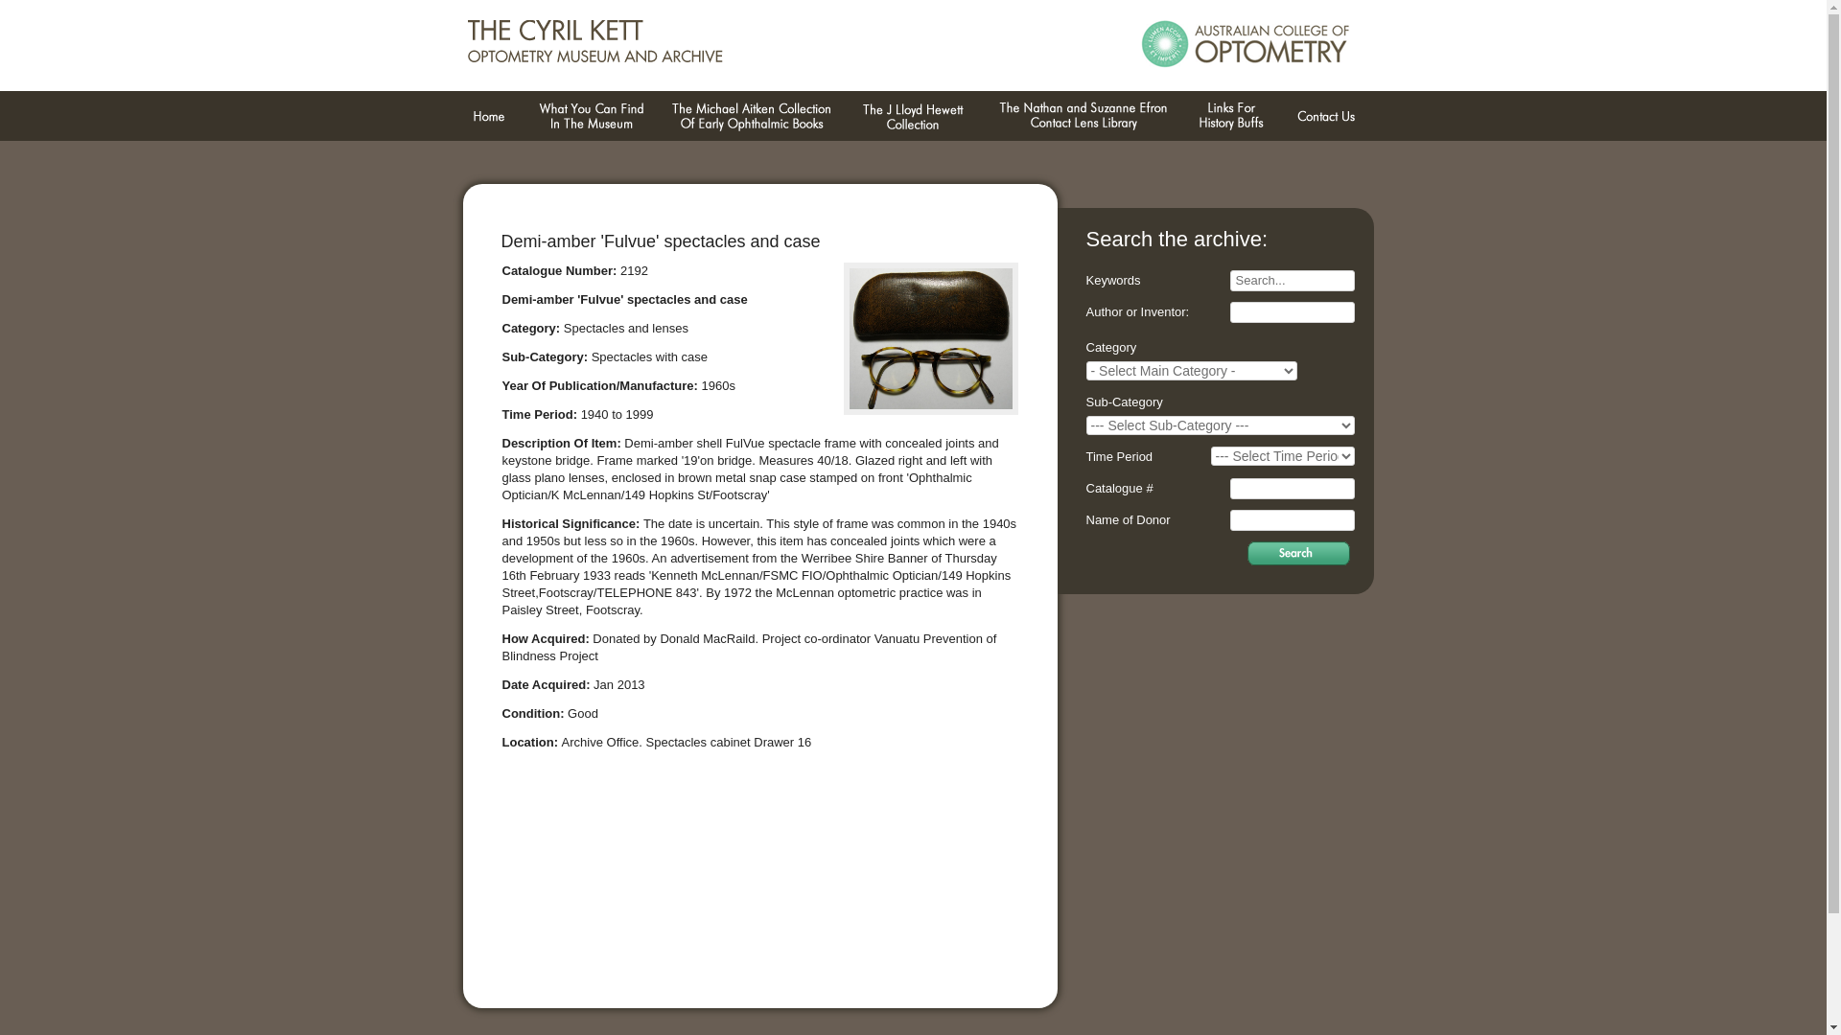  What do you see at coordinates (1229, 116) in the screenshot?
I see `'LINKS FOR HISTORY BUFFS'` at bounding box center [1229, 116].